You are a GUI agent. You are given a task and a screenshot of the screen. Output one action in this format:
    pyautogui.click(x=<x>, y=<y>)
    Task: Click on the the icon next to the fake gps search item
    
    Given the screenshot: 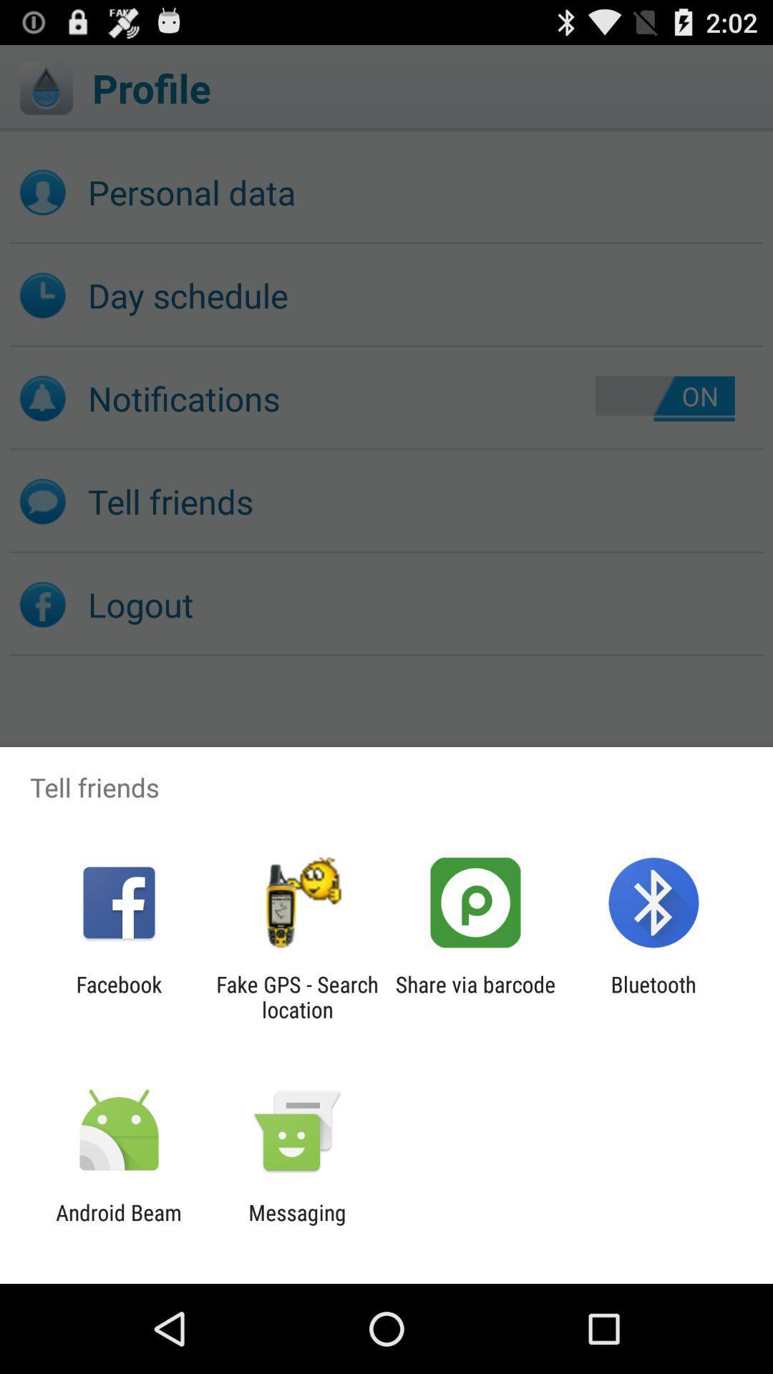 What is the action you would take?
    pyautogui.click(x=475, y=996)
    